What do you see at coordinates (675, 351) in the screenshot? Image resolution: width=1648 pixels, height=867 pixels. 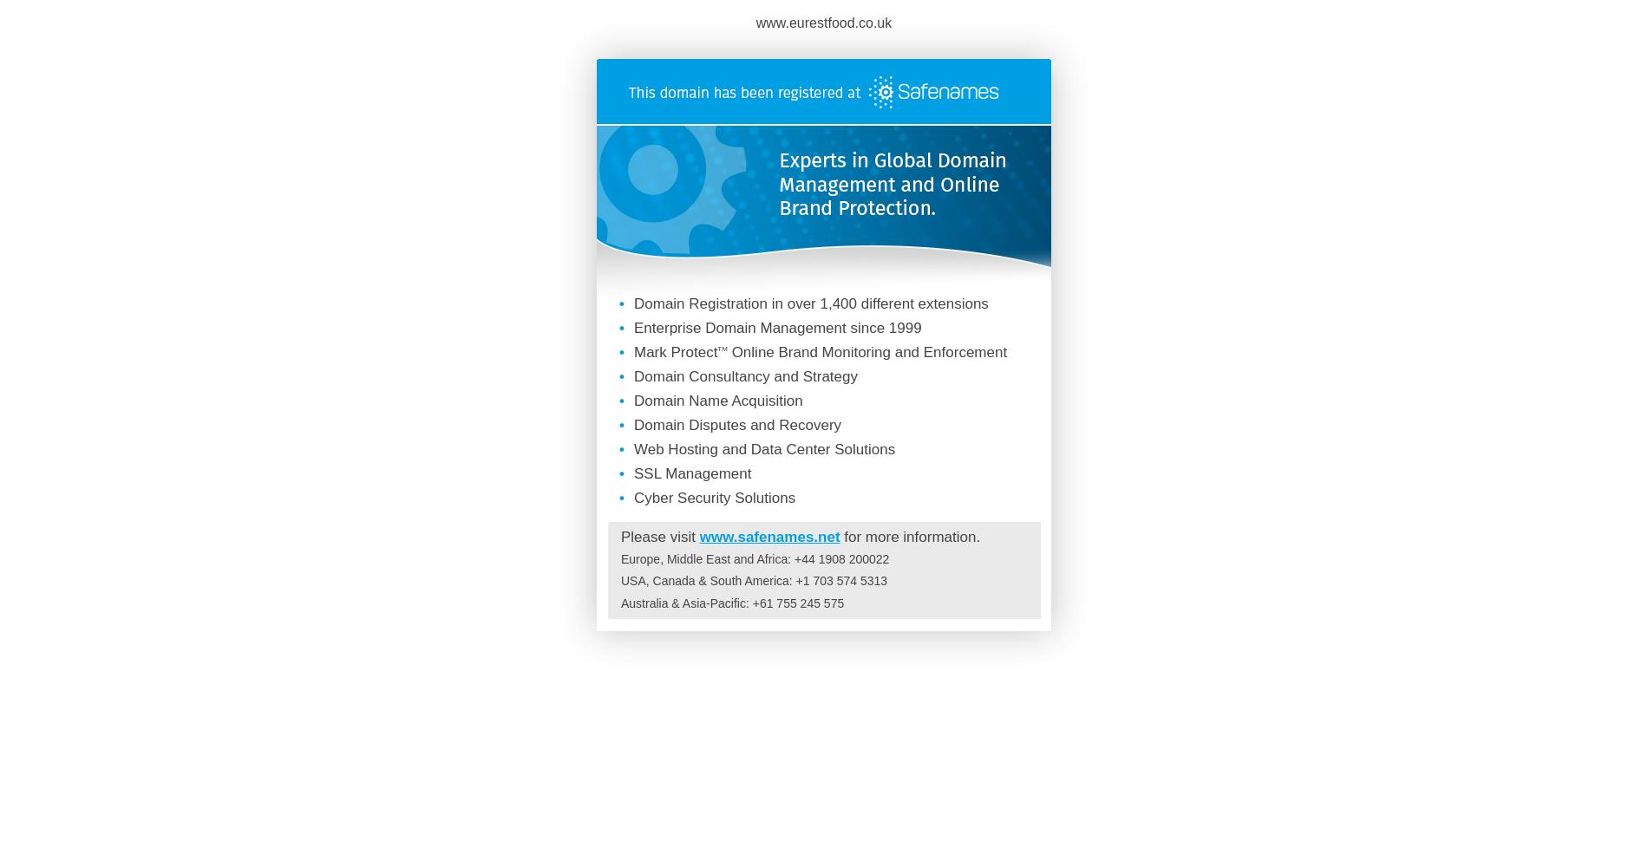 I see `'Mark Protect'` at bounding box center [675, 351].